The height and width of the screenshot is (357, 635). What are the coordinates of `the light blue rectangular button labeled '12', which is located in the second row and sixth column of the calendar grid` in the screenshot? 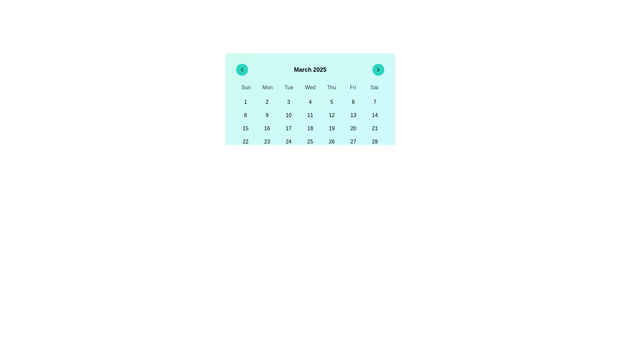 It's located at (332, 115).